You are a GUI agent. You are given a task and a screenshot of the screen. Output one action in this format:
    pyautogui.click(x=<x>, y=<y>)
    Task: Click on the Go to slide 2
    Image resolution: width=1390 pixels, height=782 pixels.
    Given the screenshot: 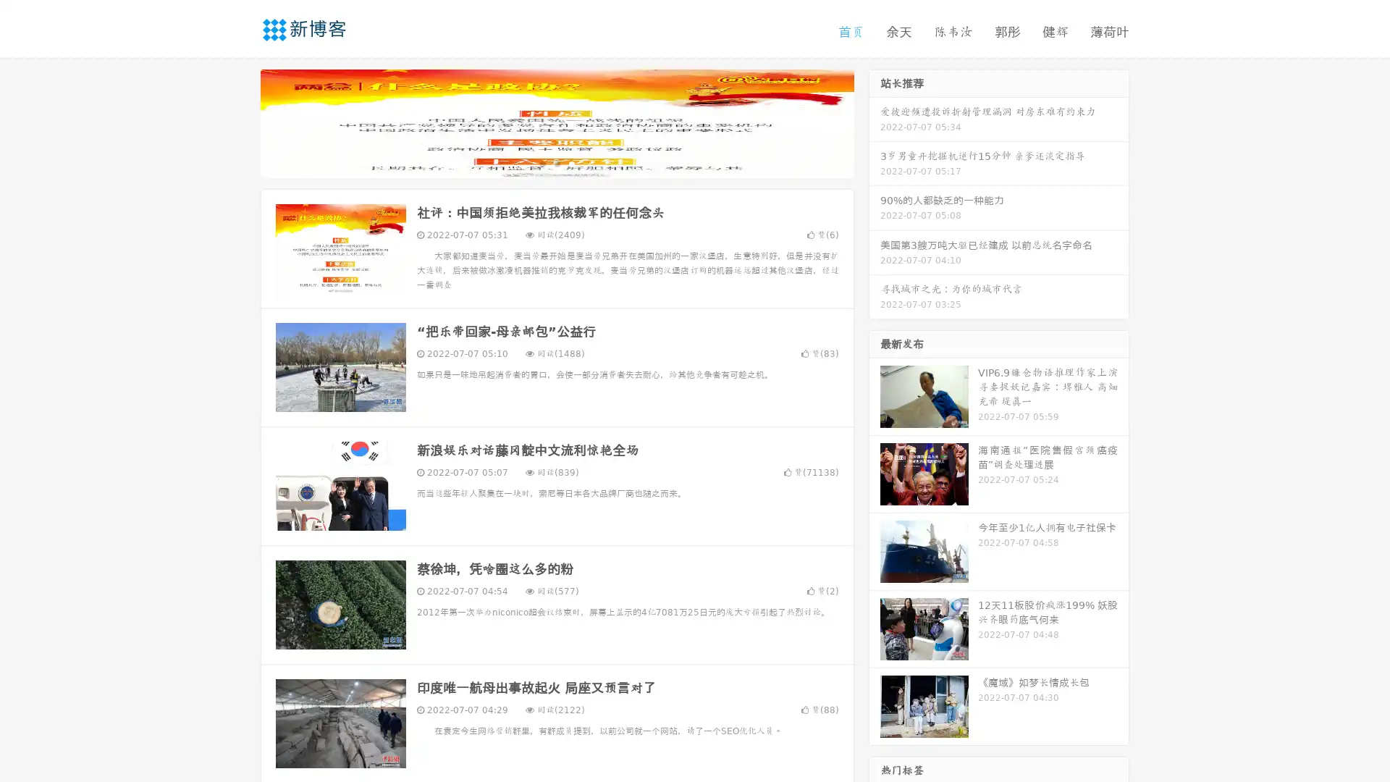 What is the action you would take?
    pyautogui.click(x=556, y=163)
    